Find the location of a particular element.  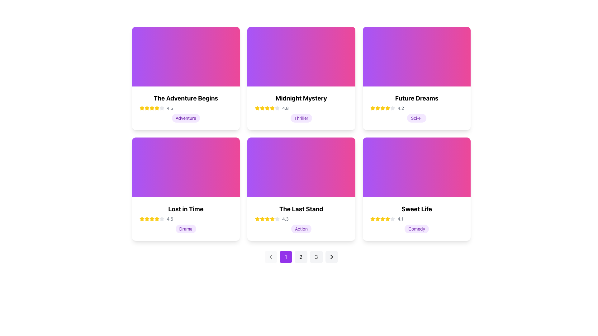

the yellow star icon representing the rating component for the 'Sweet Life' item, which is the first star in the rating row aligned above the text '4.1' is located at coordinates (373, 218).